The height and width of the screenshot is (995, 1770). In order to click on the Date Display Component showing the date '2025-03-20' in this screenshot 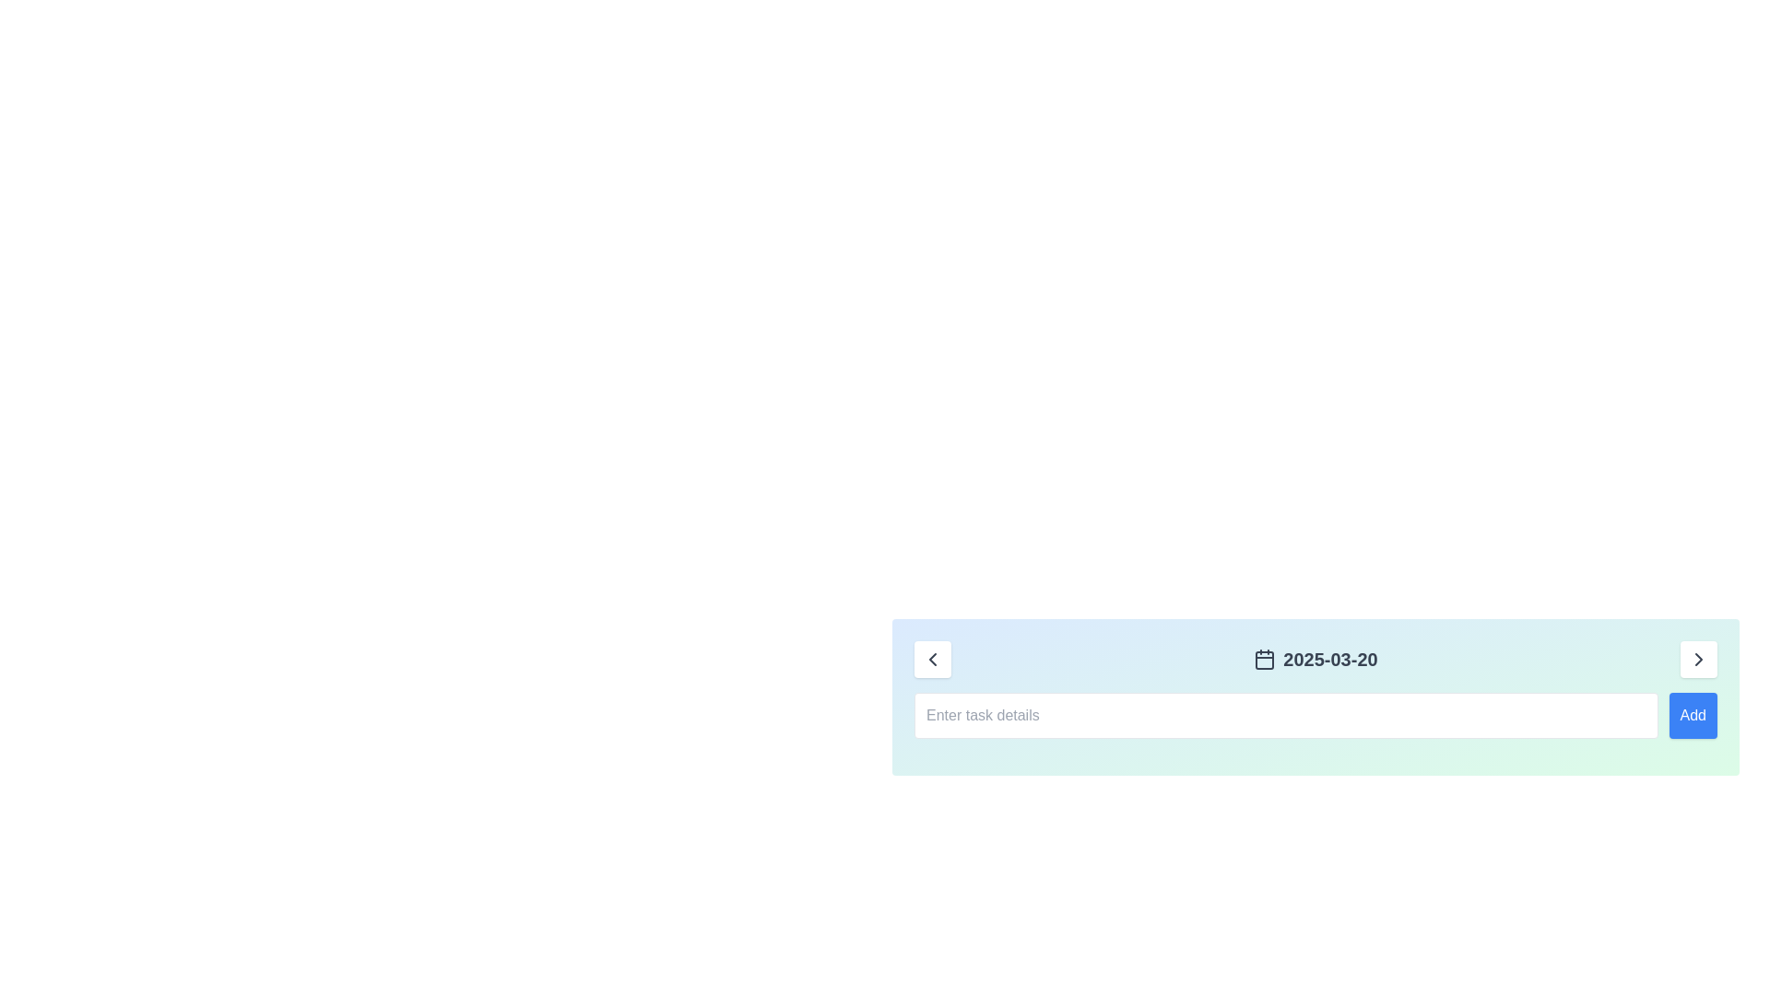, I will do `click(1315, 659)`.